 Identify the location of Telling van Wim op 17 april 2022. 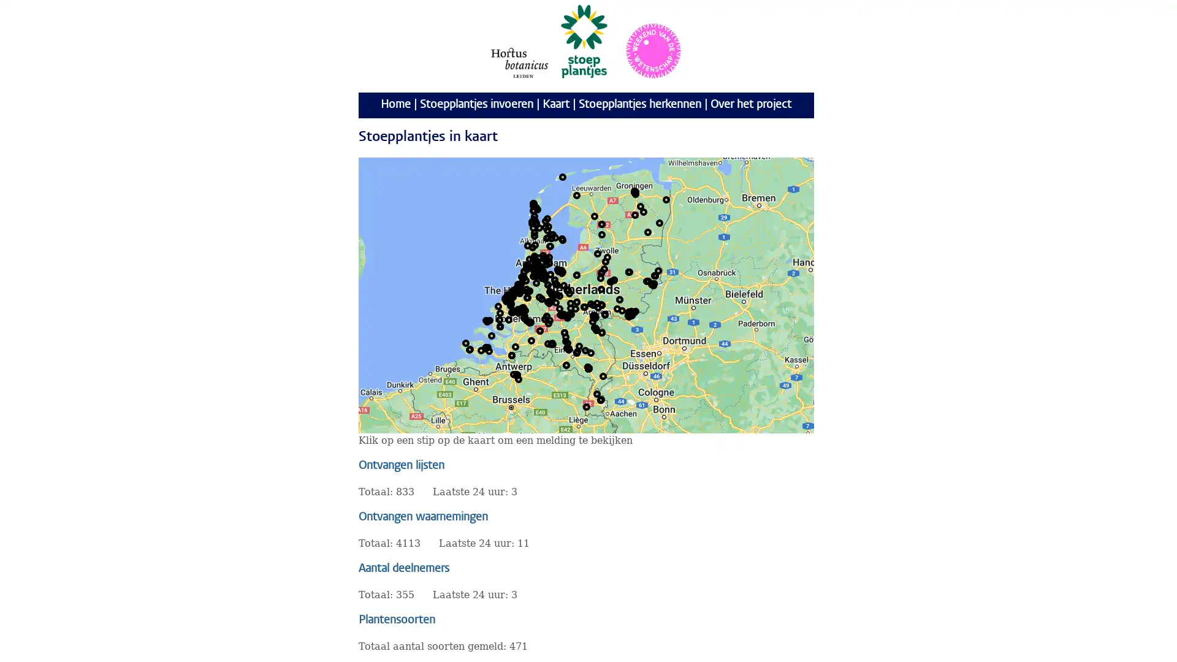
(489, 319).